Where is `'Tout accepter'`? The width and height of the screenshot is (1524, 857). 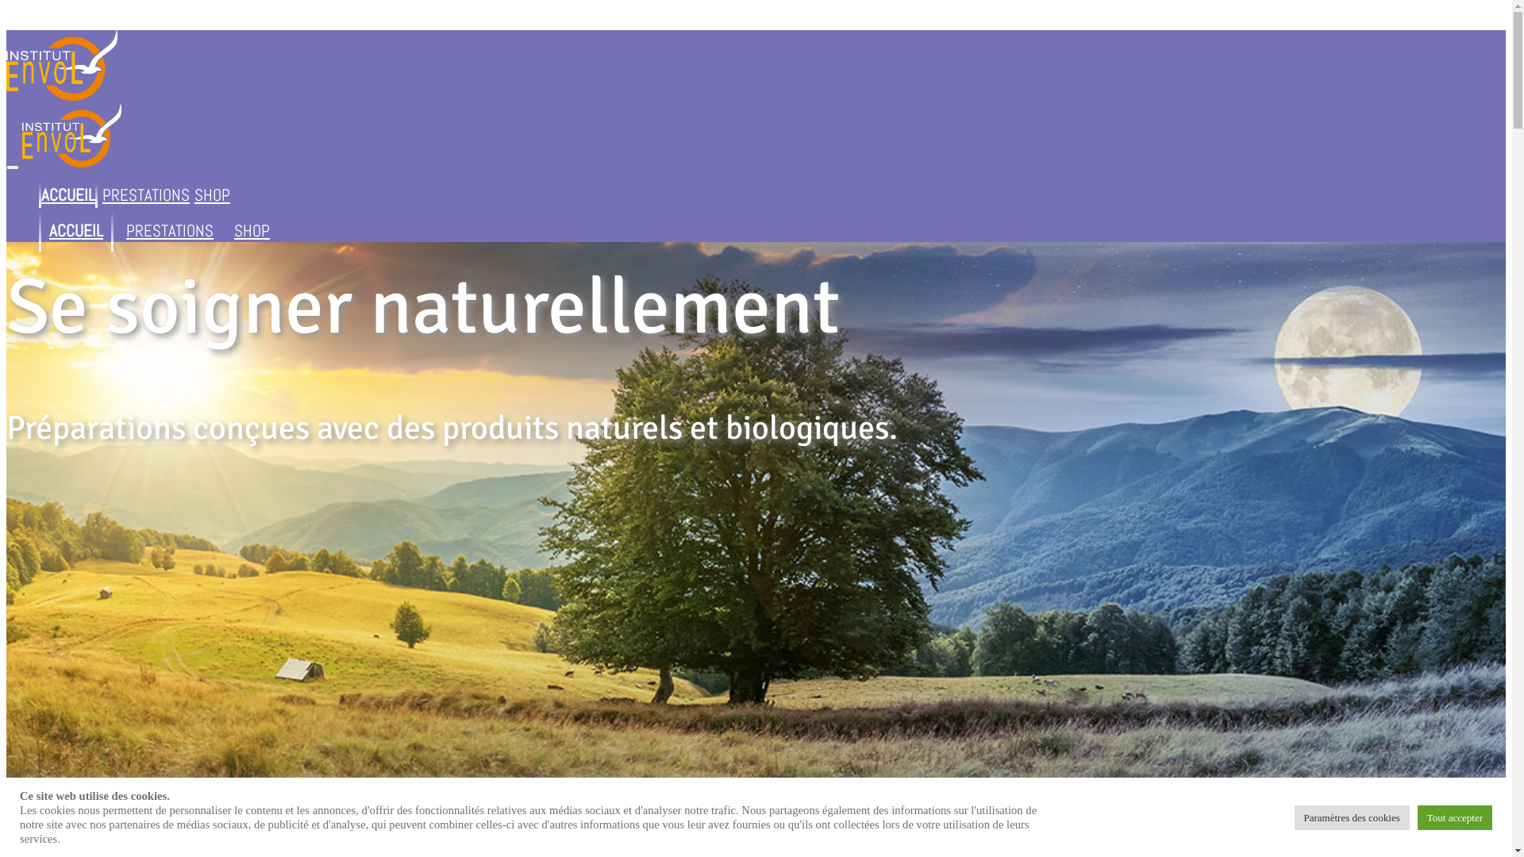 'Tout accepter' is located at coordinates (1455, 817).